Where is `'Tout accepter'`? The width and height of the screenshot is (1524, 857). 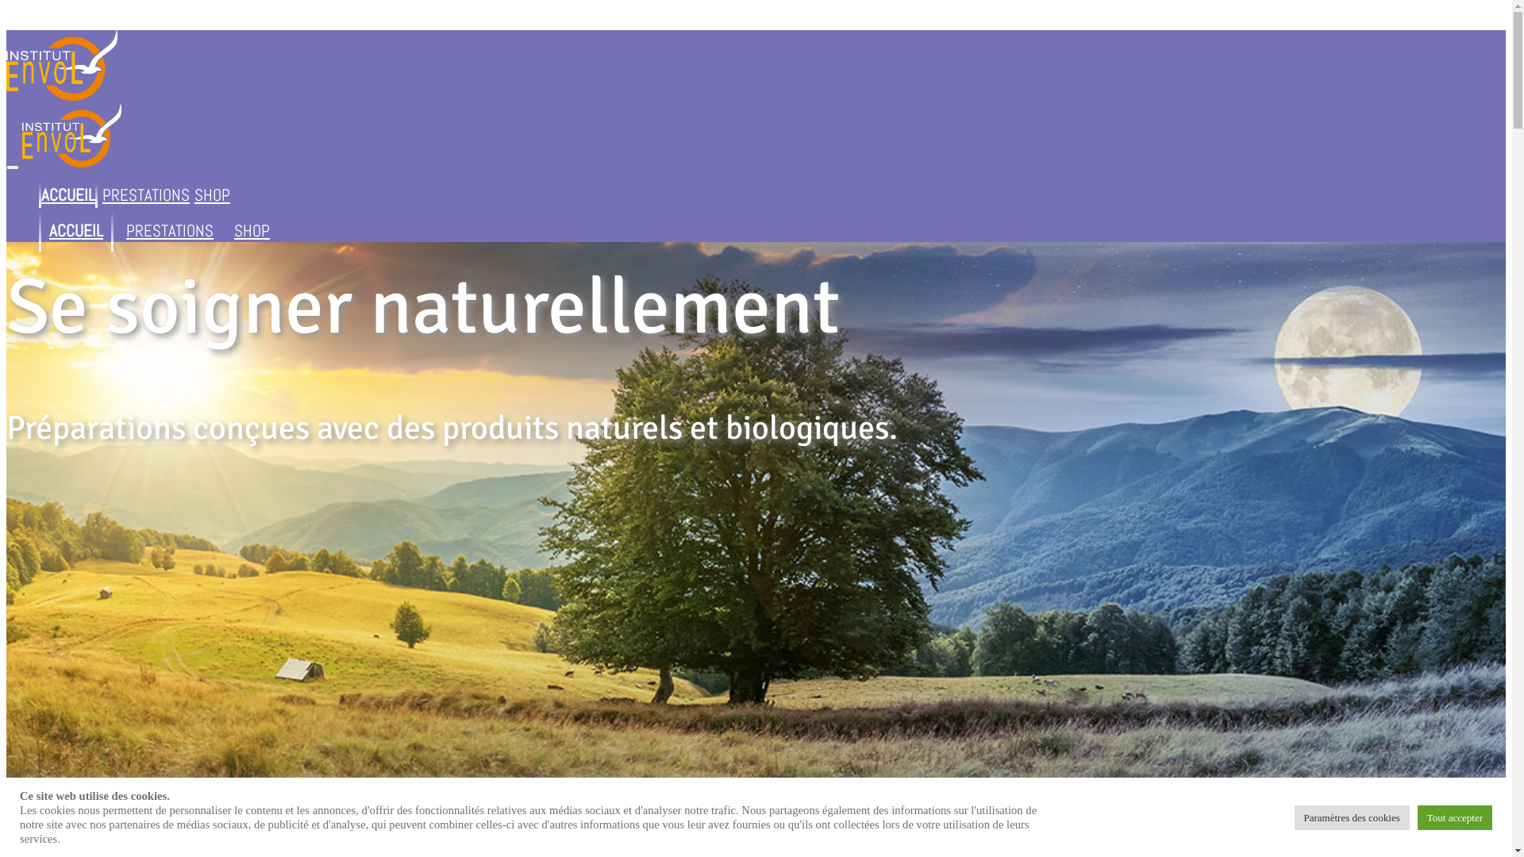 'Tout accepter' is located at coordinates (1455, 817).